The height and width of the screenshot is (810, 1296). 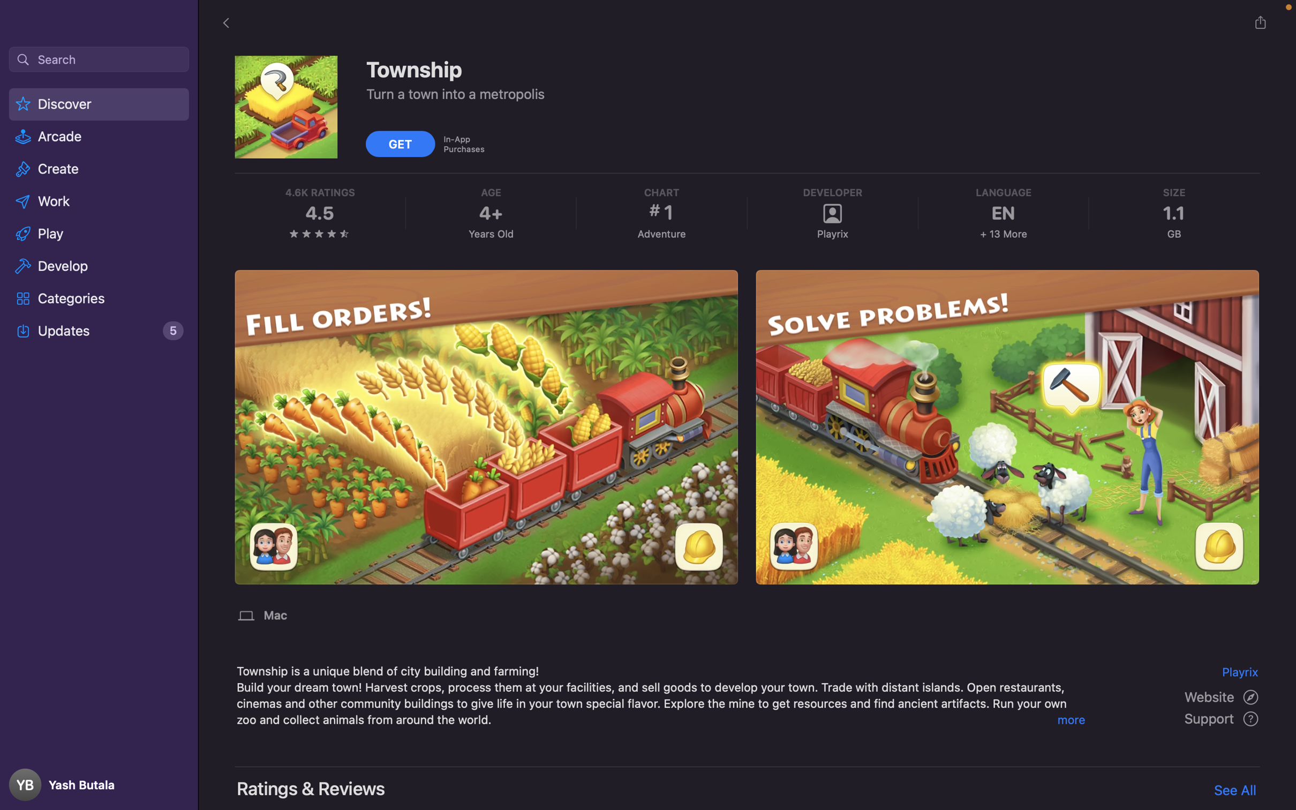 What do you see at coordinates (1260, 22) in the screenshot?
I see `Locate and click on the "share" button, then input "Facebook" as the platform to share the application on` at bounding box center [1260, 22].